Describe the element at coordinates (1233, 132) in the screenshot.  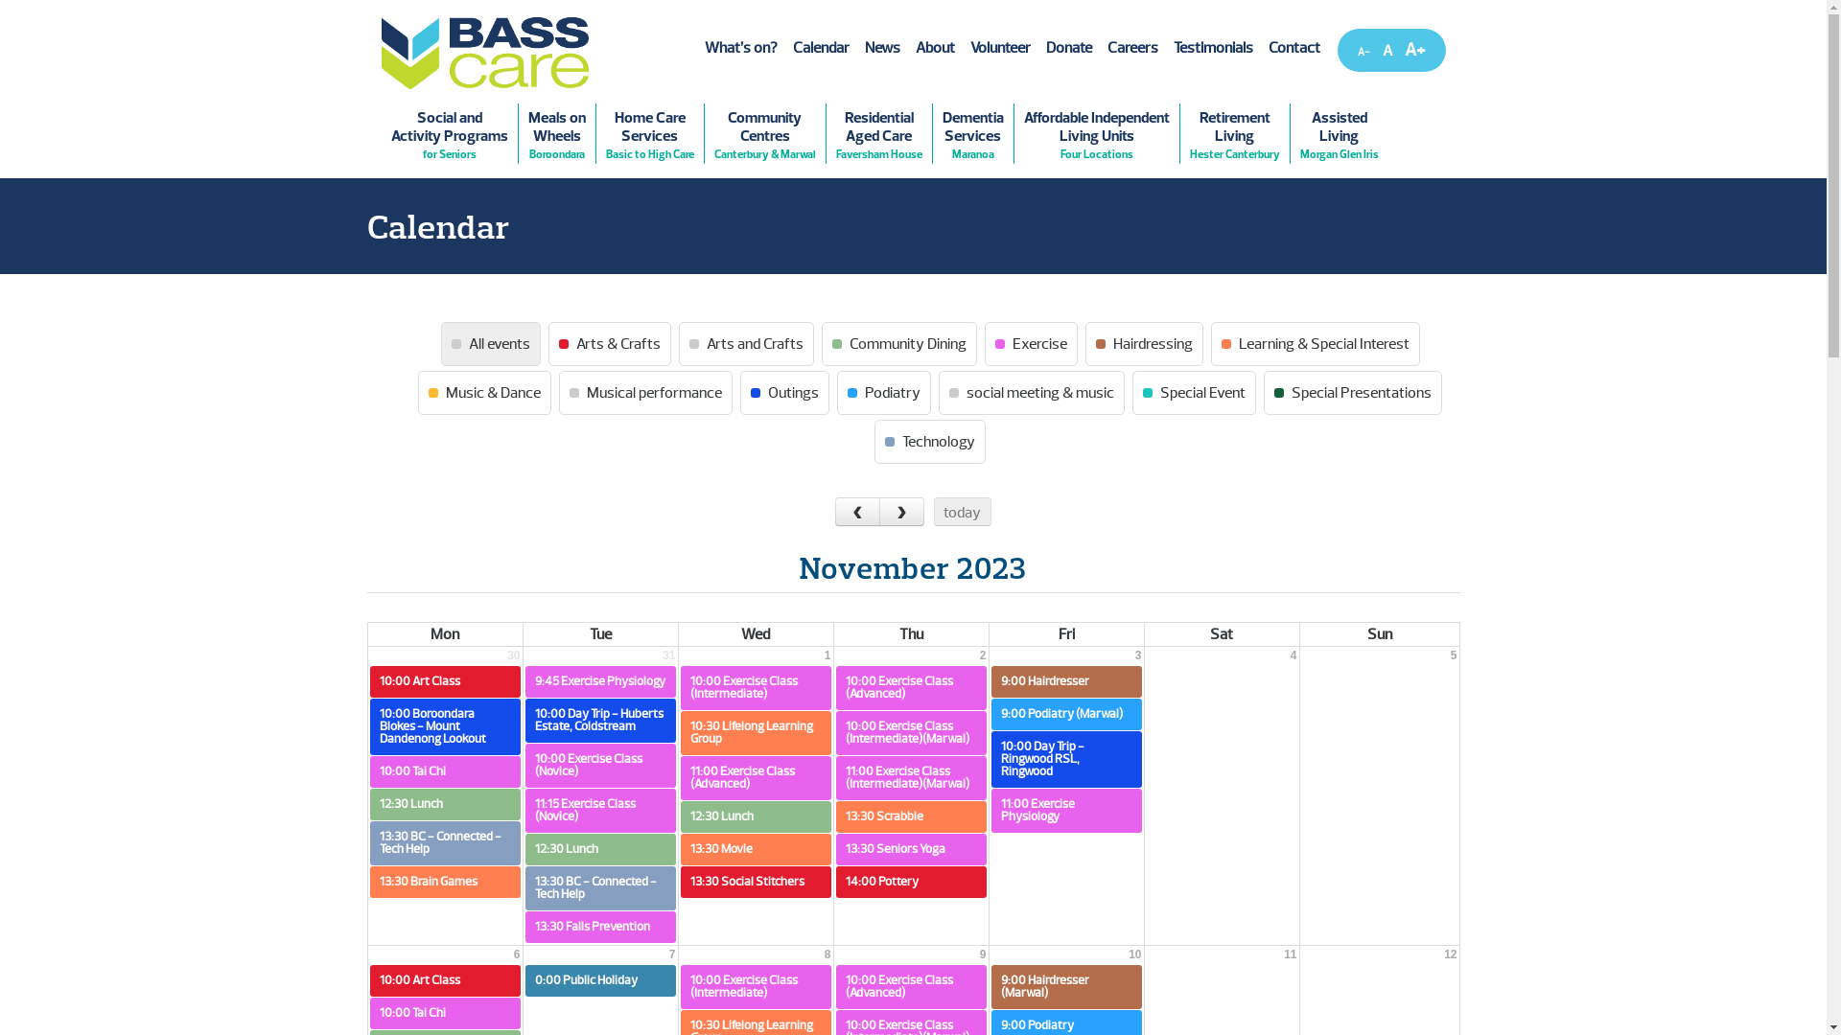
I see `'Retirement` at that location.